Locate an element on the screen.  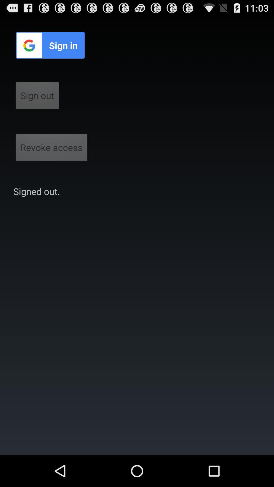
the sign out button is located at coordinates (37, 97).